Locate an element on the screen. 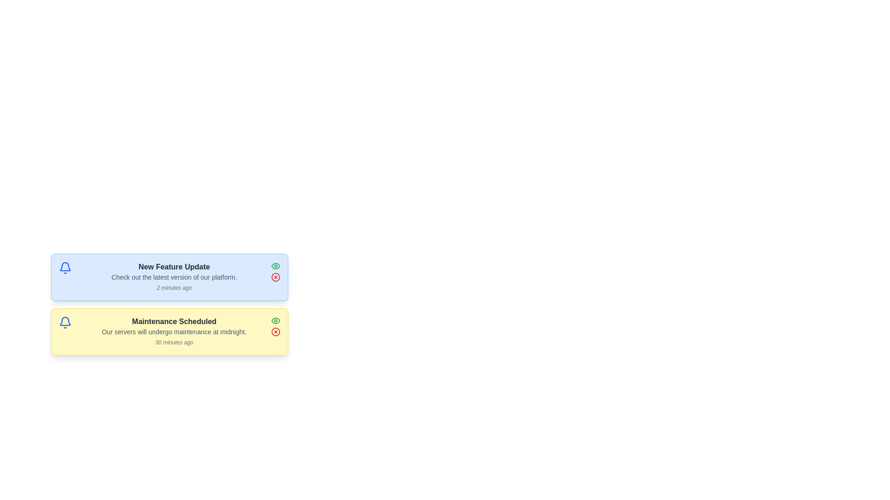  the notification titled 'New Feature Update' to view its details is located at coordinates (169, 276).